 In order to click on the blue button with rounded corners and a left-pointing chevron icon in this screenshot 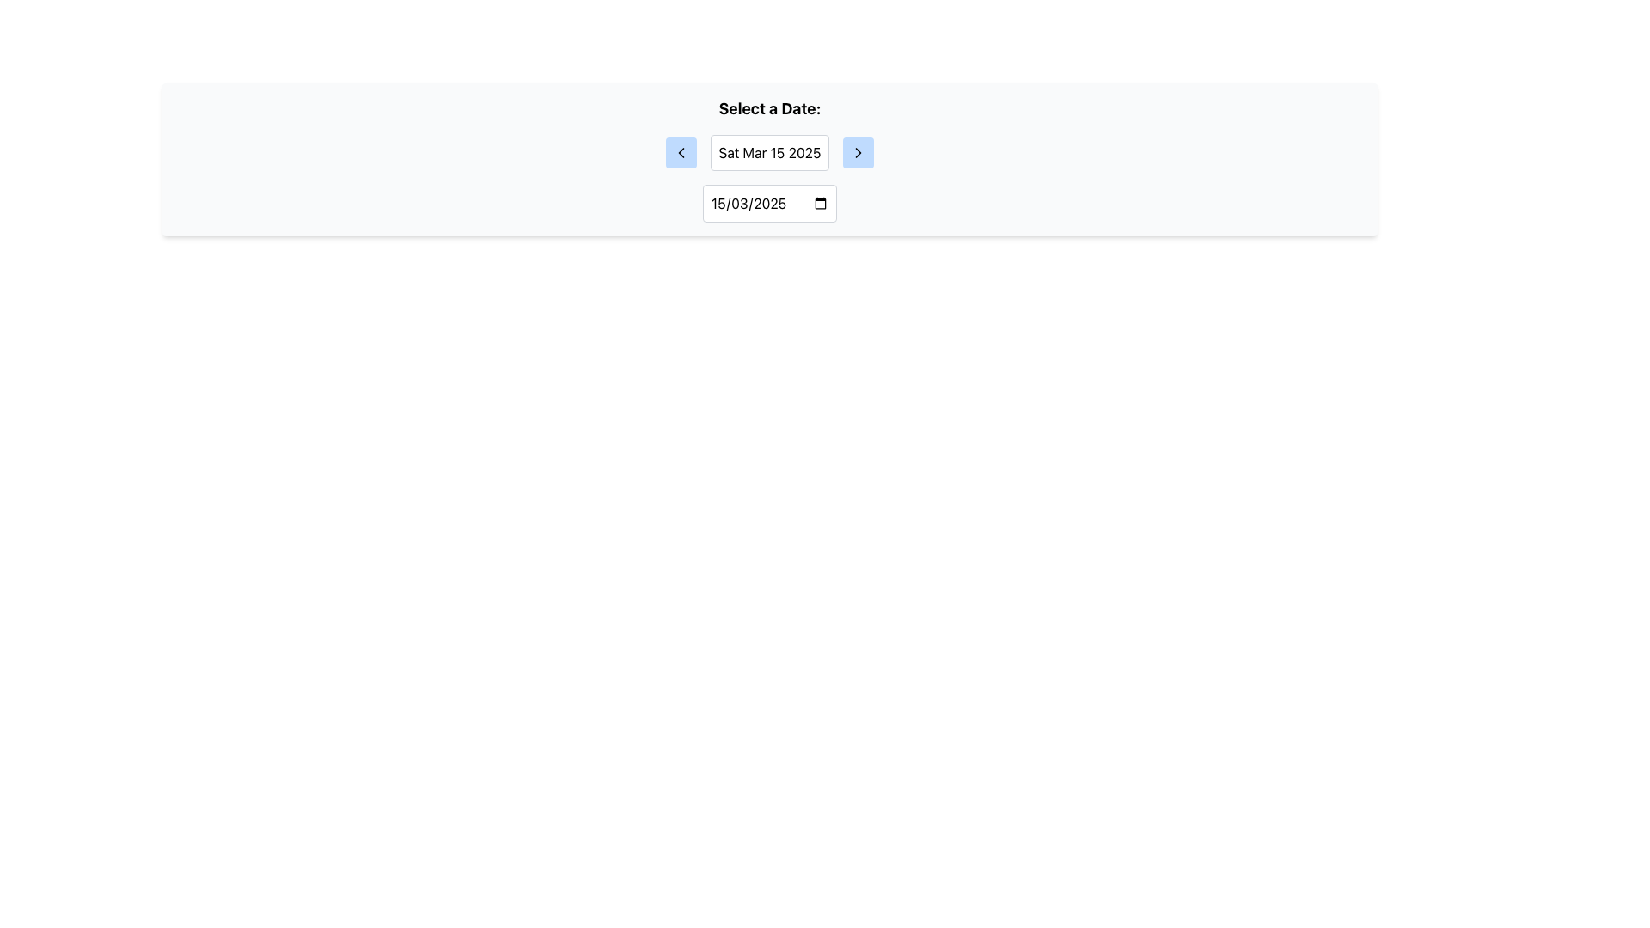, I will do `click(681, 151)`.